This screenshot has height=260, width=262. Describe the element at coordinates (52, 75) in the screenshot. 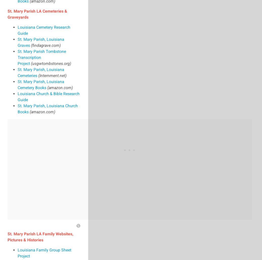

I see `'(Internment.net)'` at that location.